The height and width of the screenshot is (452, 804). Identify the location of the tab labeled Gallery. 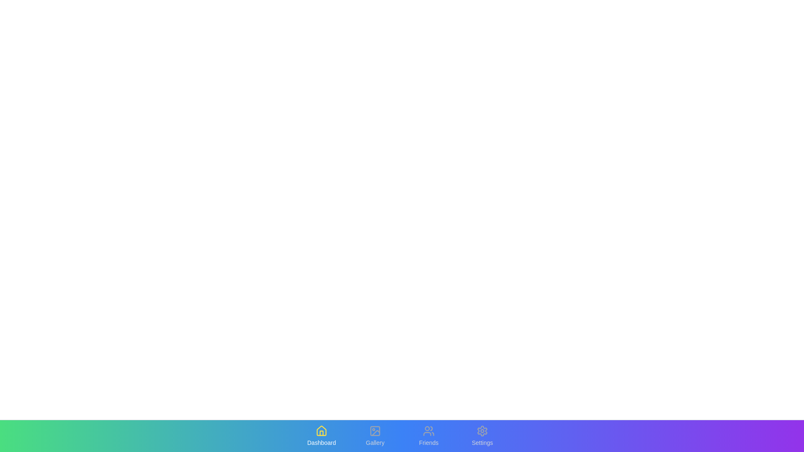
(375, 435).